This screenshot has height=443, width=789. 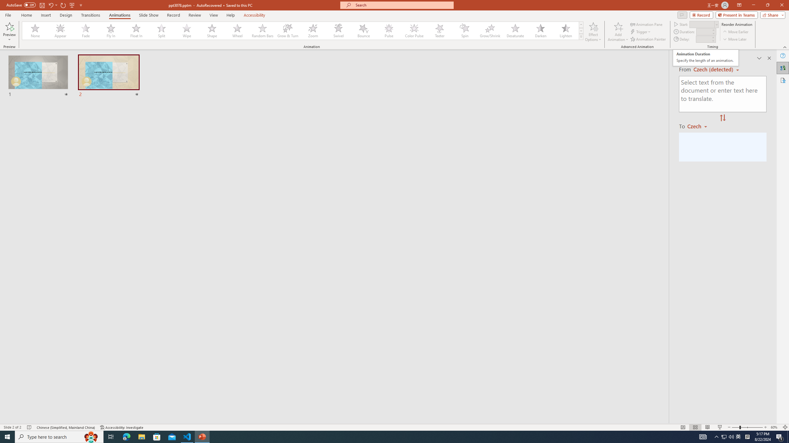 What do you see at coordinates (641, 32) in the screenshot?
I see `'Trigger'` at bounding box center [641, 32].